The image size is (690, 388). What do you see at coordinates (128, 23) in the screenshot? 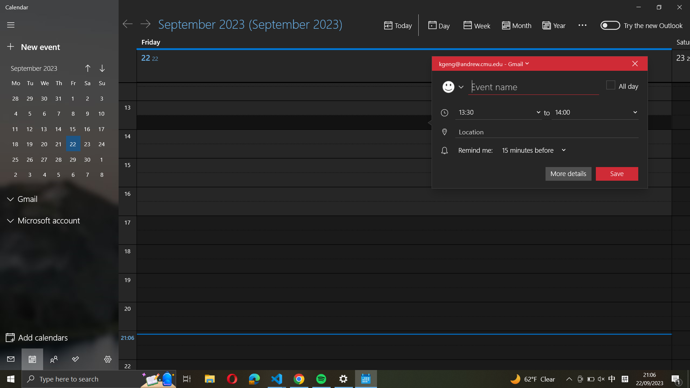
I see `two clicks on the "Previous Day" button to access the day before yesterday"s date` at bounding box center [128, 23].